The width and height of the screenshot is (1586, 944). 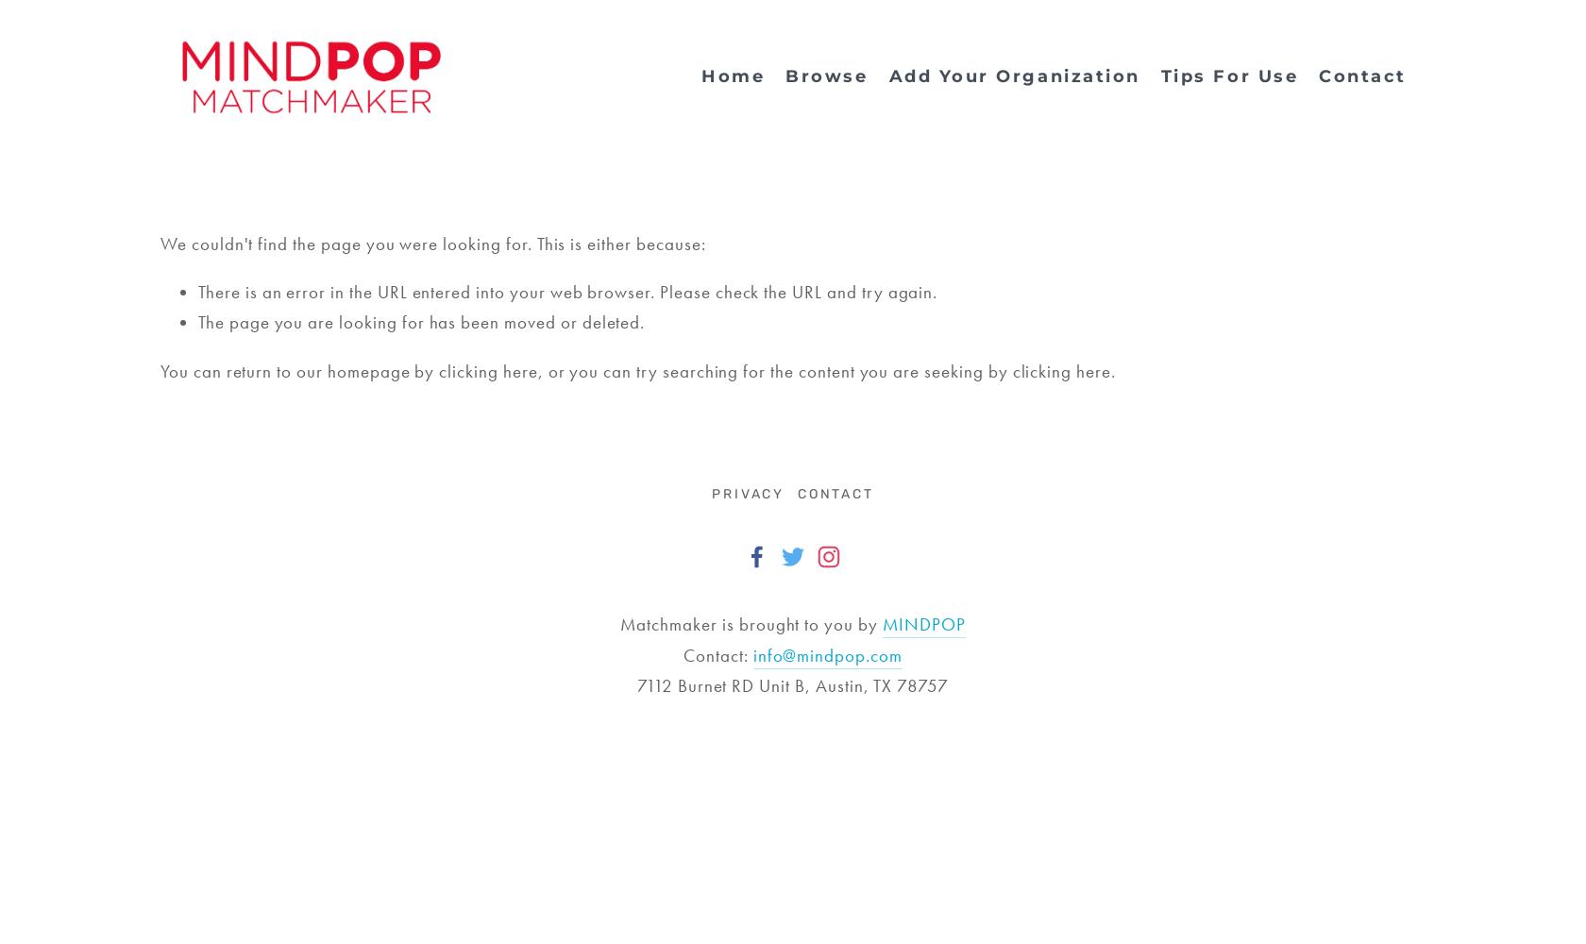 What do you see at coordinates (887, 76) in the screenshot?
I see `'Add Your Organization'` at bounding box center [887, 76].